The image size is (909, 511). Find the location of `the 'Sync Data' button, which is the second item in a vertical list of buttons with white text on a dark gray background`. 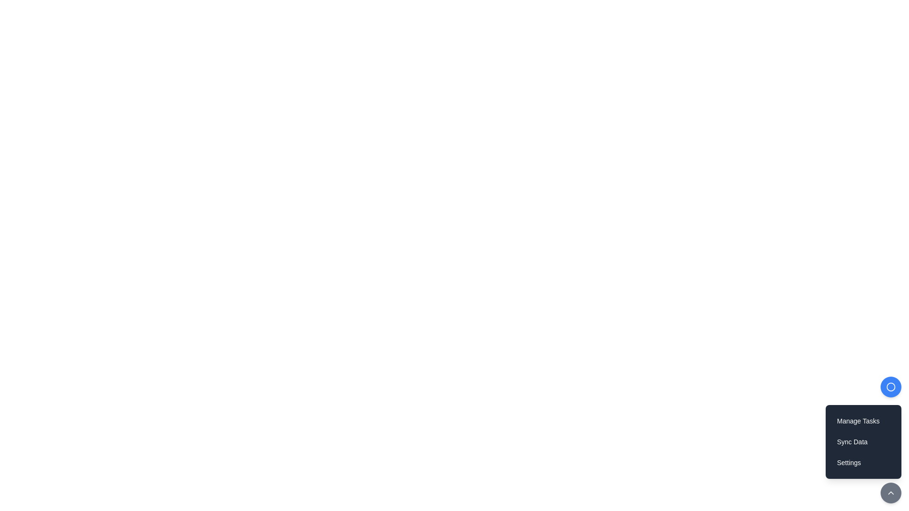

the 'Sync Data' button, which is the second item in a vertical list of buttons with white text on a dark gray background is located at coordinates (864, 440).